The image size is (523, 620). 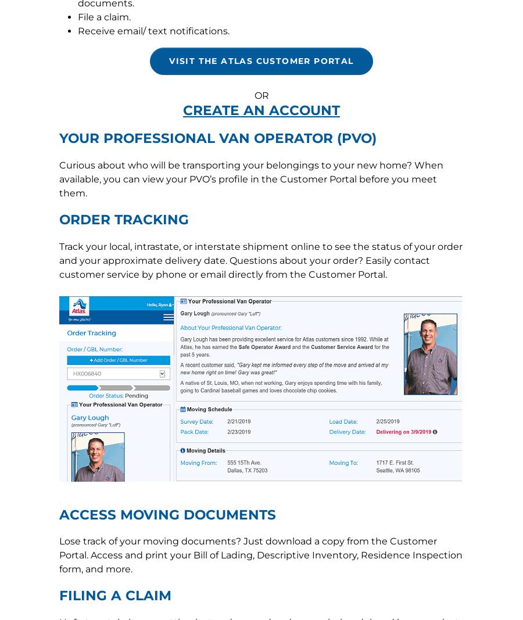 I want to click on '1212 Saint George Road, Evansville, IN 47711', so click(x=261, y=261).